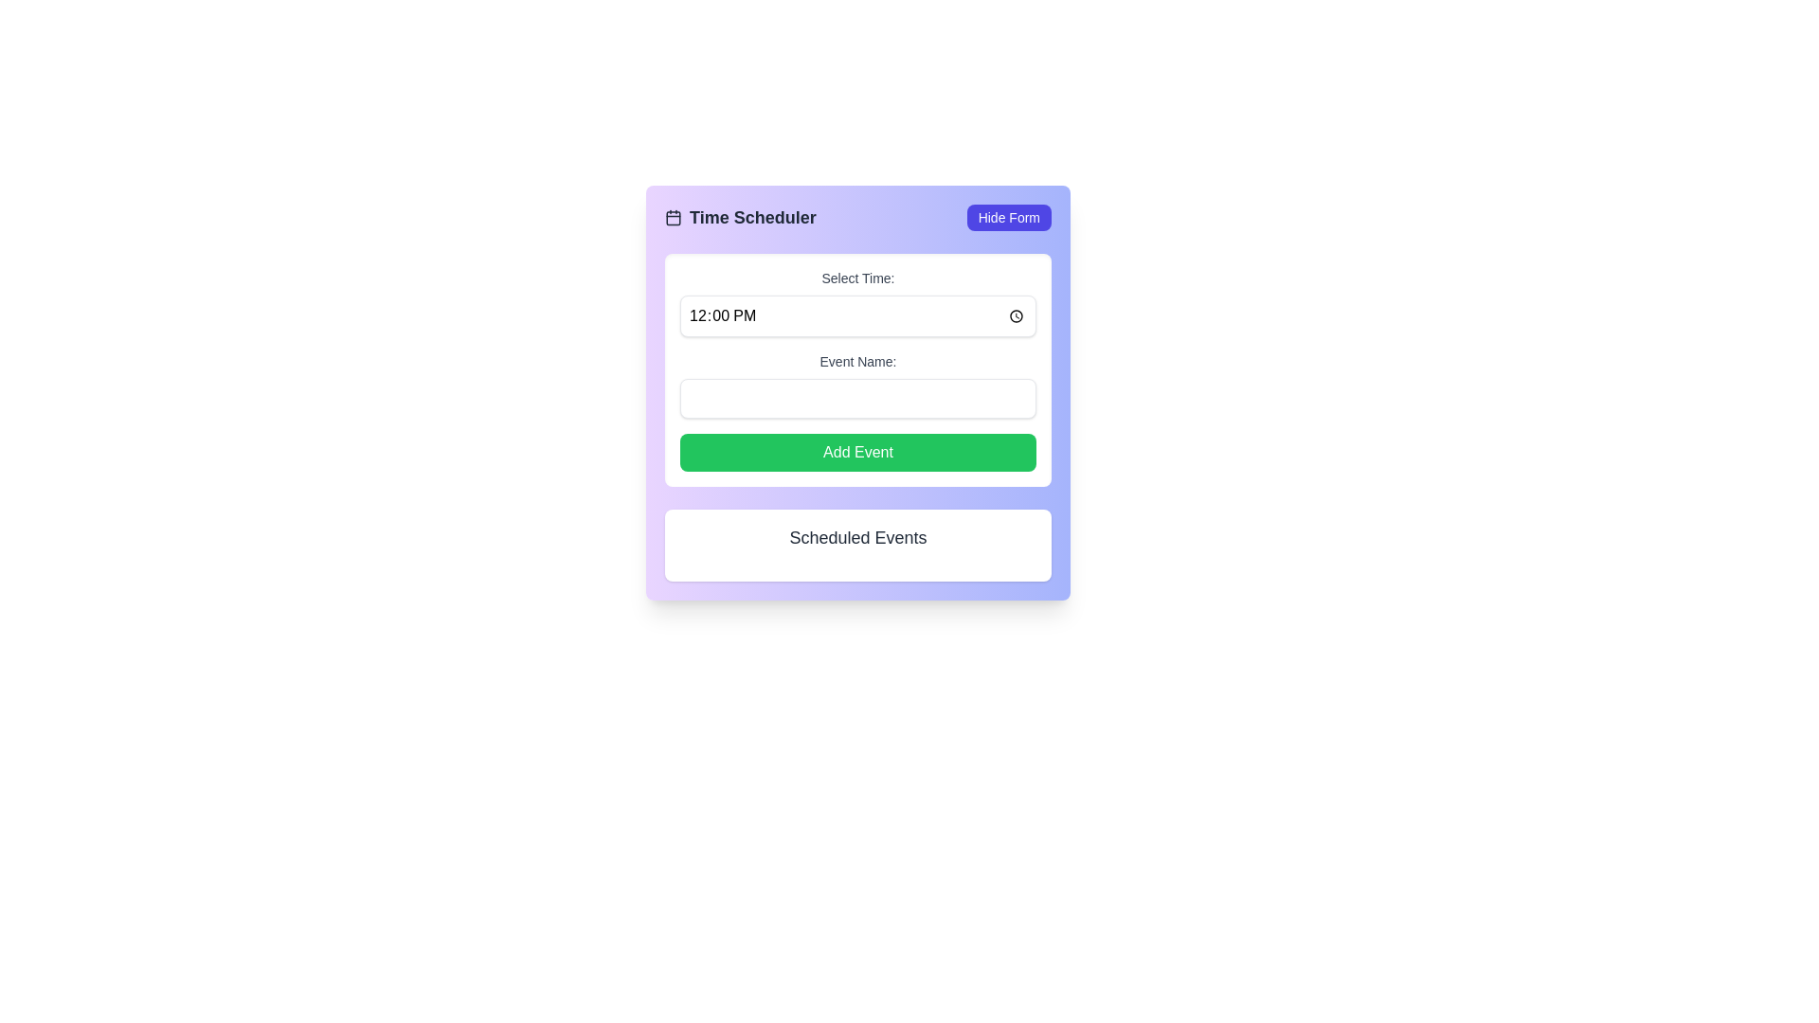 This screenshot has height=1023, width=1819. I want to click on the appearance of the calendar icon, which is a minimalist square with rounded corners and small vertical lines inside, located to the left of the 'Time Scheduler' text in the header of the card UI, so click(673, 217).